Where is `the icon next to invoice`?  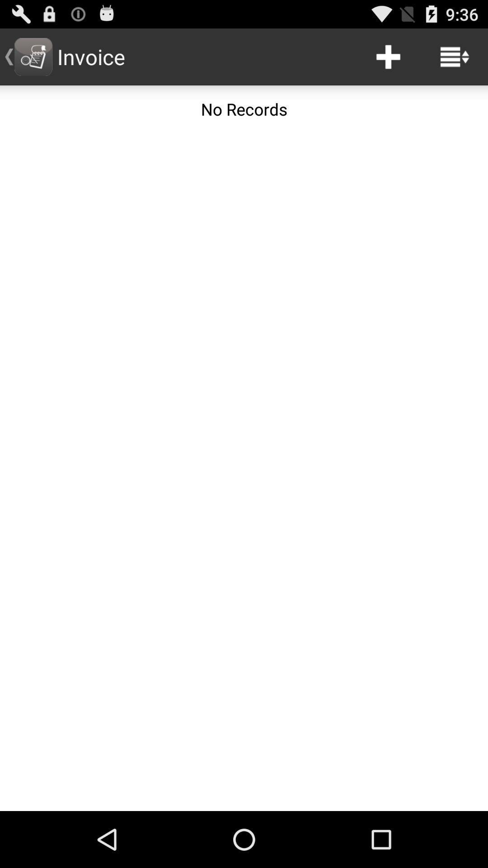 the icon next to invoice is located at coordinates (388, 56).